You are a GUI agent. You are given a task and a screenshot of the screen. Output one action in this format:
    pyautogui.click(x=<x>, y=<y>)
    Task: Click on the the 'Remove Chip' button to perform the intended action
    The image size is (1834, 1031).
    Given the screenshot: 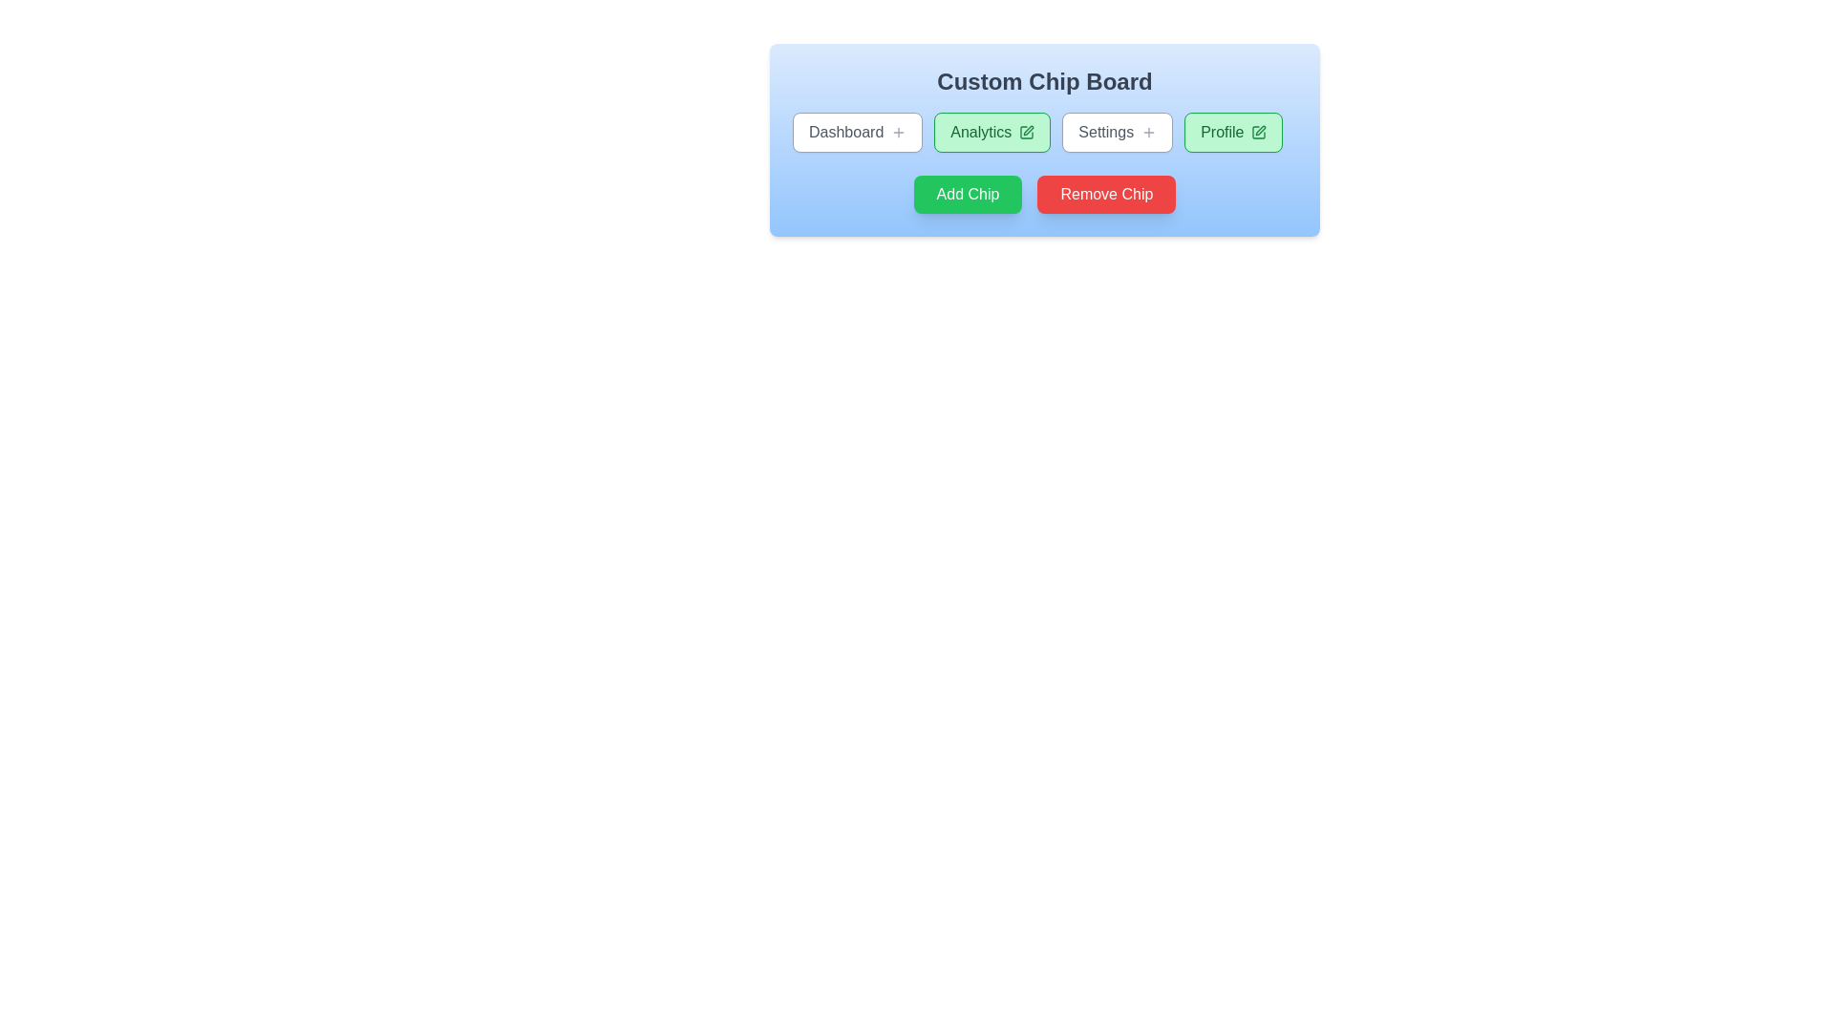 What is the action you would take?
    pyautogui.click(x=1106, y=195)
    